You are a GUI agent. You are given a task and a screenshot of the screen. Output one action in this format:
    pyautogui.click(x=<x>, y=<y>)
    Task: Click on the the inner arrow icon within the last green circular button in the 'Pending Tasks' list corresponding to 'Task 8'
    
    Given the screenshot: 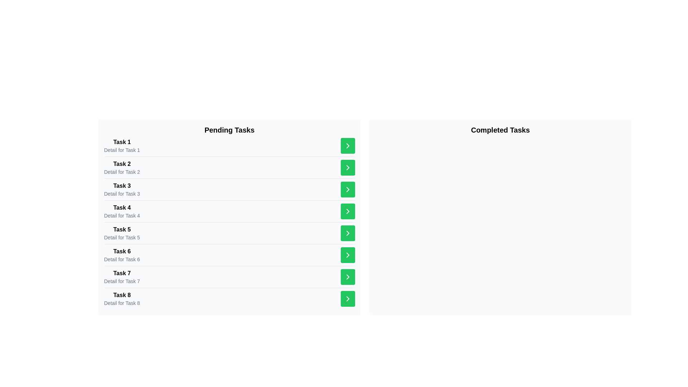 What is the action you would take?
    pyautogui.click(x=348, y=298)
    